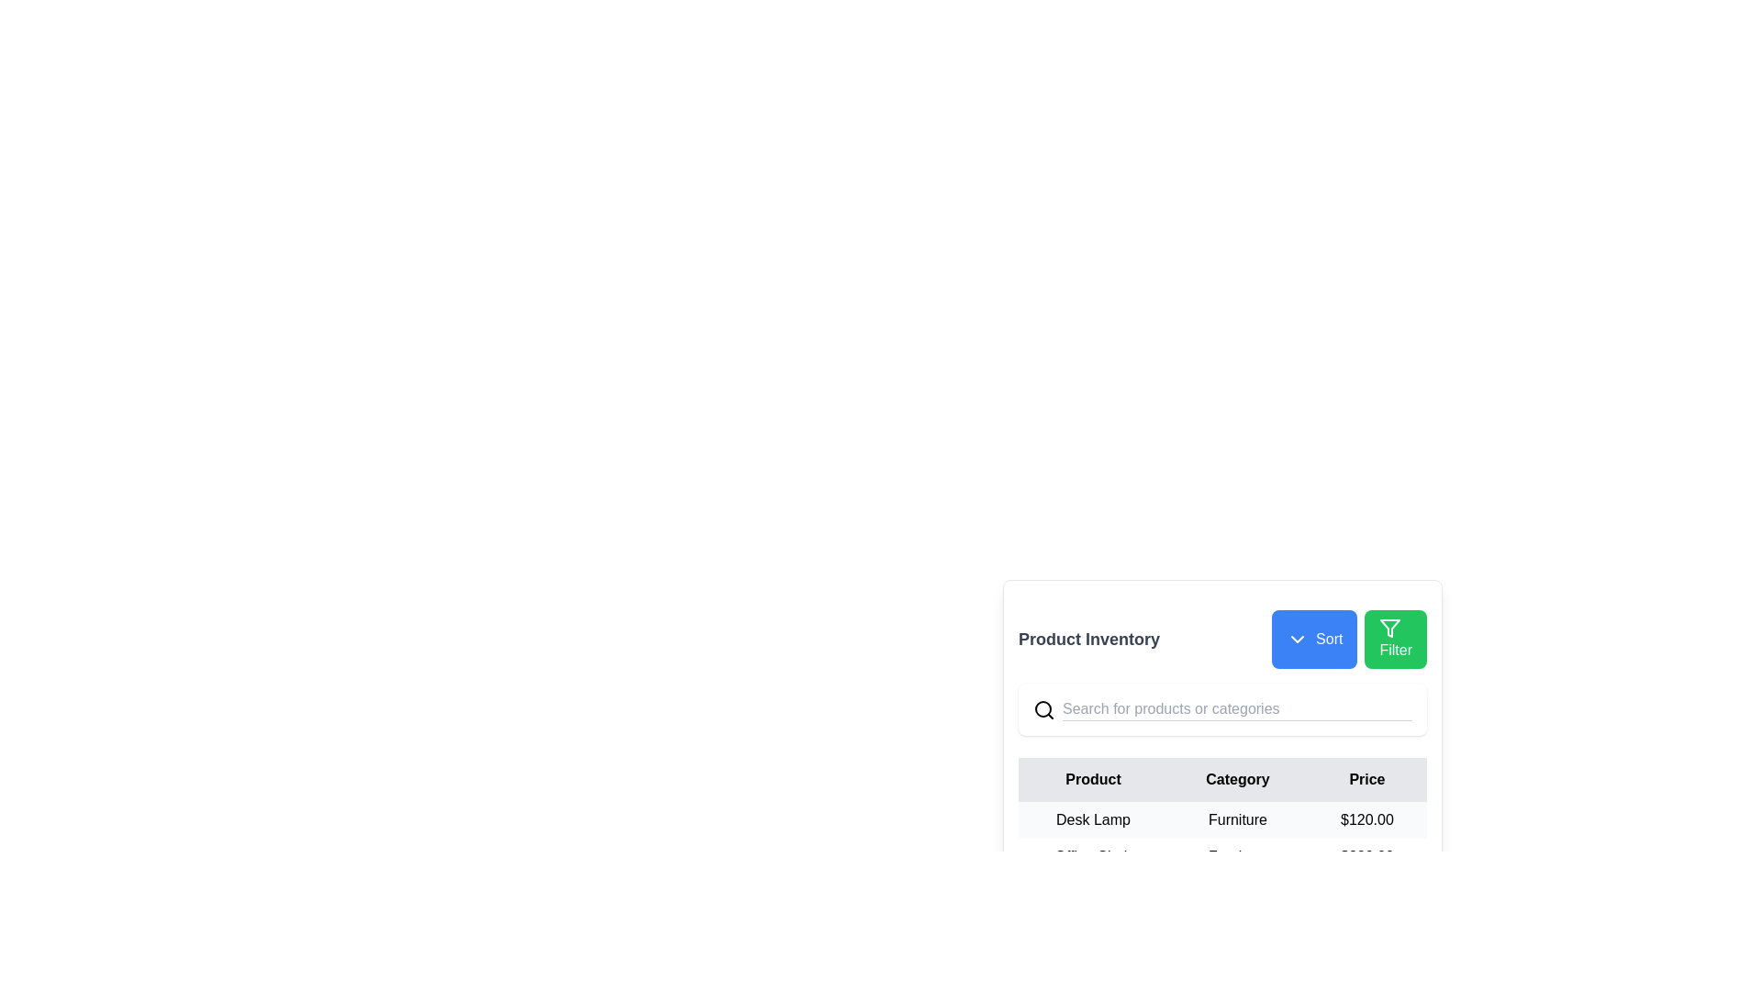 The width and height of the screenshot is (1762, 991). What do you see at coordinates (1222, 856) in the screenshot?
I see `the second row of the table containing 'Office Chair', 'Furniture', and '$320.00'` at bounding box center [1222, 856].